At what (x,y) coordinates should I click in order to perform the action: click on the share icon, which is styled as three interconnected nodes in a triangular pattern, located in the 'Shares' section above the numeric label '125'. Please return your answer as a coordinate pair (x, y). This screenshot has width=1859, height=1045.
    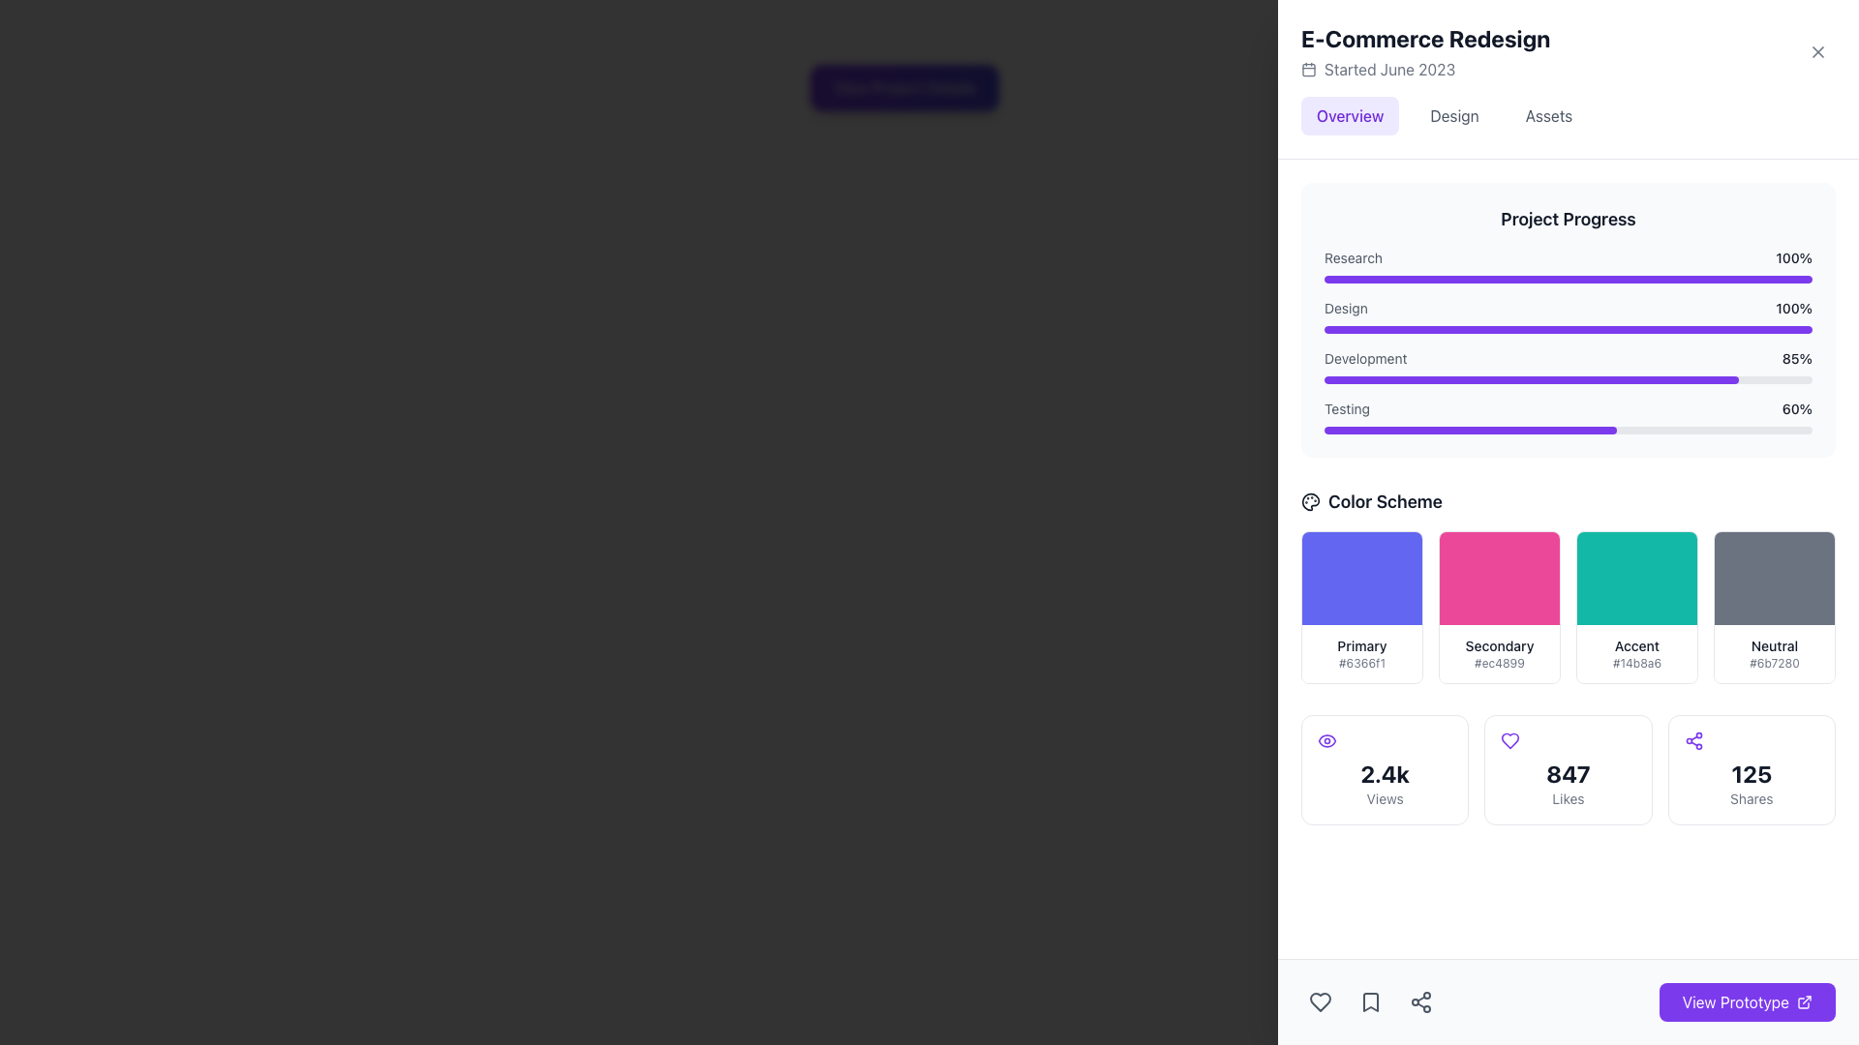
    Looking at the image, I should click on (1692, 740).